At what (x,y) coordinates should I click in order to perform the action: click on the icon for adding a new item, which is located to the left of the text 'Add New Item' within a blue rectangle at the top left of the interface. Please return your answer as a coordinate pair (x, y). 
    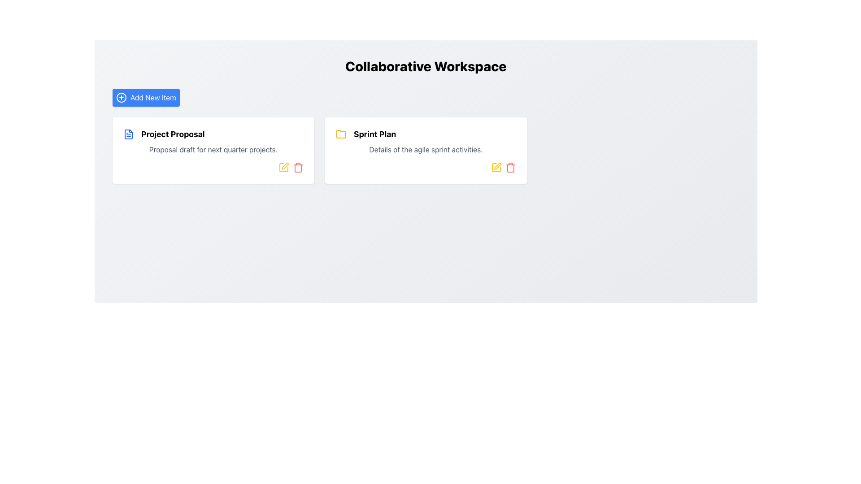
    Looking at the image, I should click on (121, 98).